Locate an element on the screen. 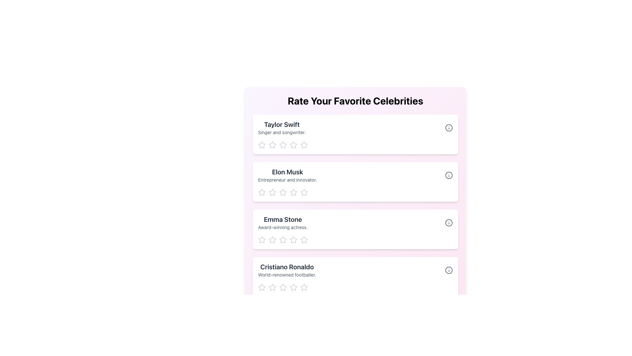 Image resolution: width=632 pixels, height=356 pixels. the fifth star icon in the five-star rating system under the 'Cristiano Ronaldo' section is located at coordinates (304, 287).